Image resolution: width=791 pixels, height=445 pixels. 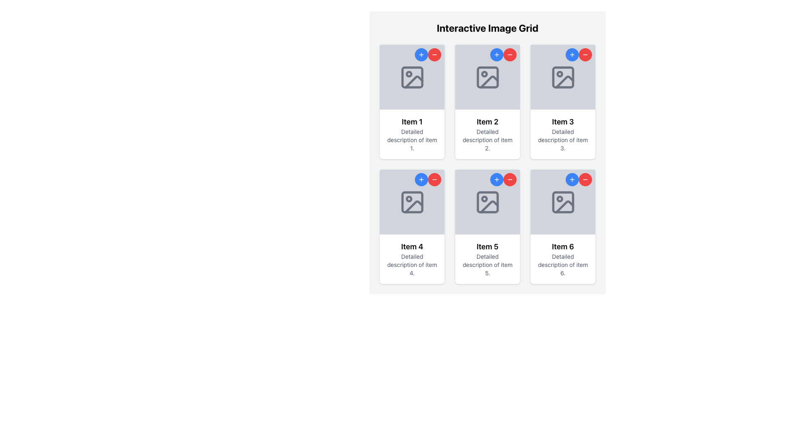 I want to click on the title and description of the interactive card located in the second row, first column of the grid layout, which is the fourth card in the arrangement, so click(x=412, y=227).